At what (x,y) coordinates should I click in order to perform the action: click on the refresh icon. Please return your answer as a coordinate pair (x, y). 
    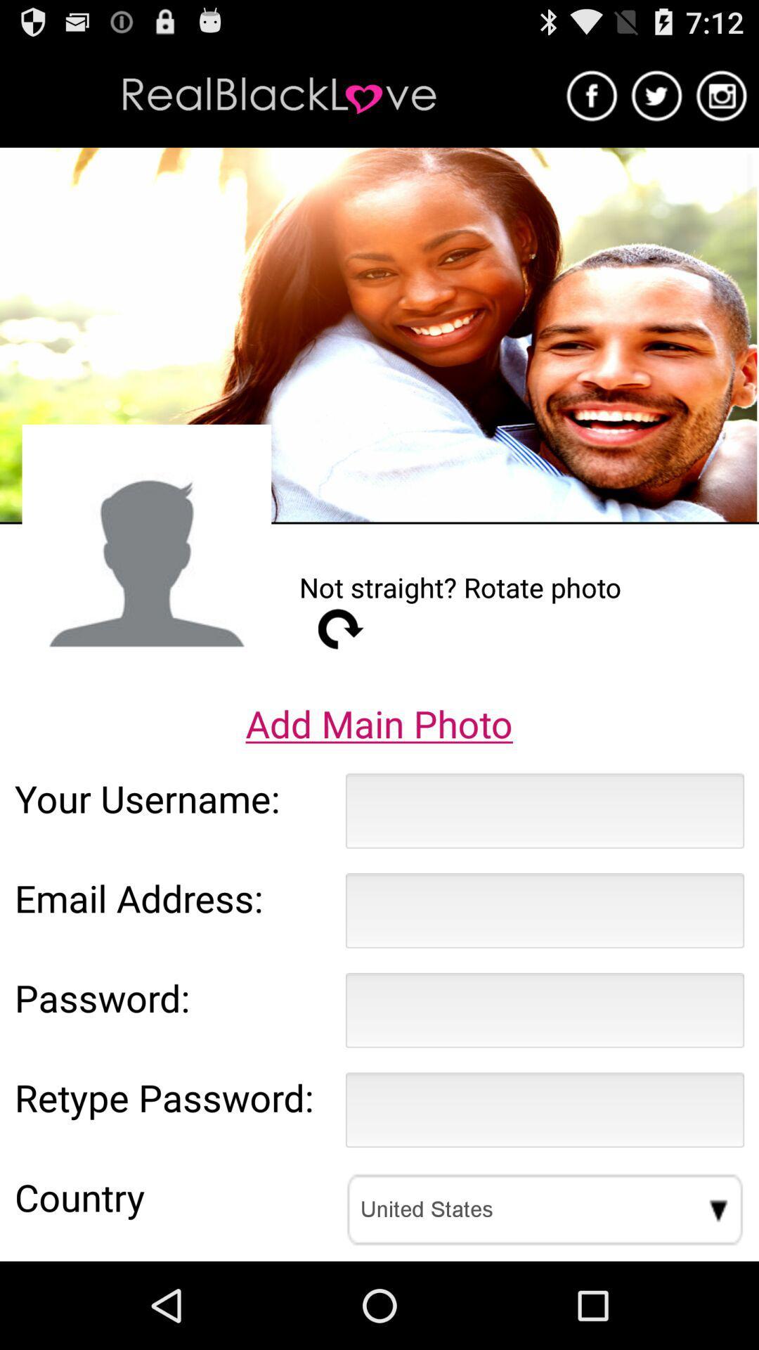
    Looking at the image, I should click on (341, 672).